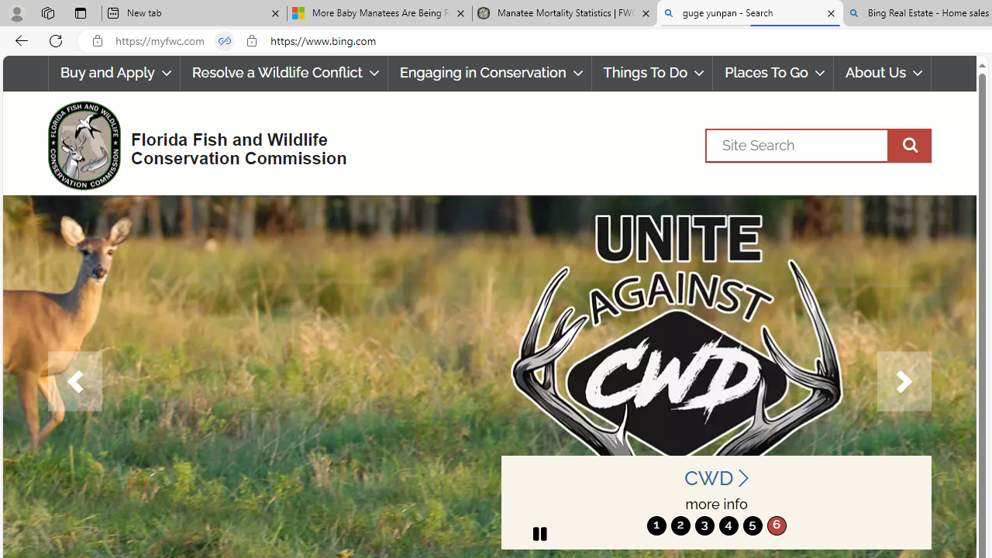  I want to click on 'Tab actions menu', so click(80, 12).